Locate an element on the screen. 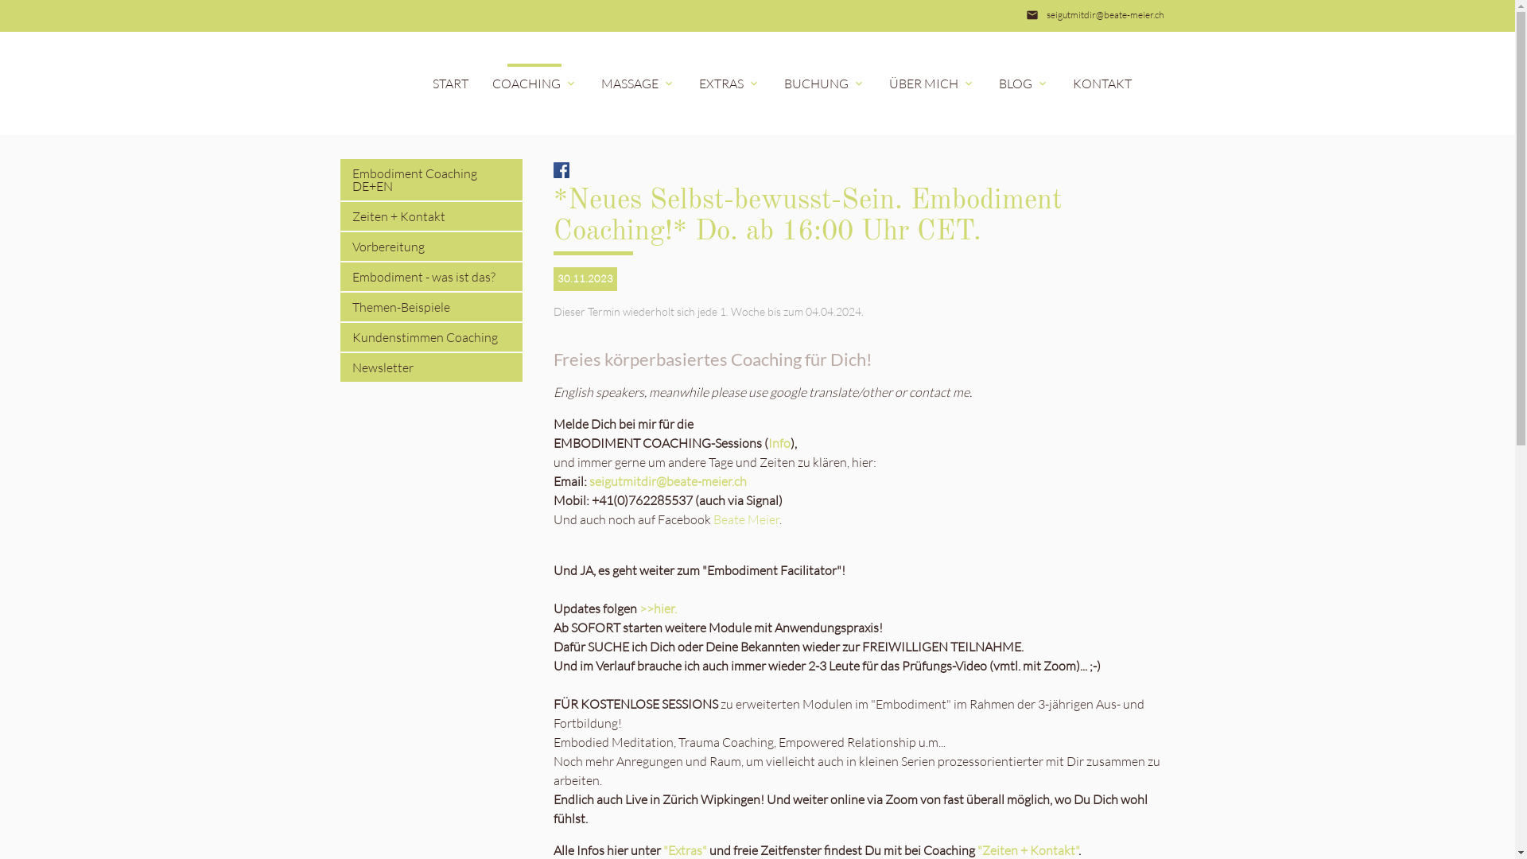 This screenshot has height=859, width=1527. 'BLOG is located at coordinates (1023, 83).